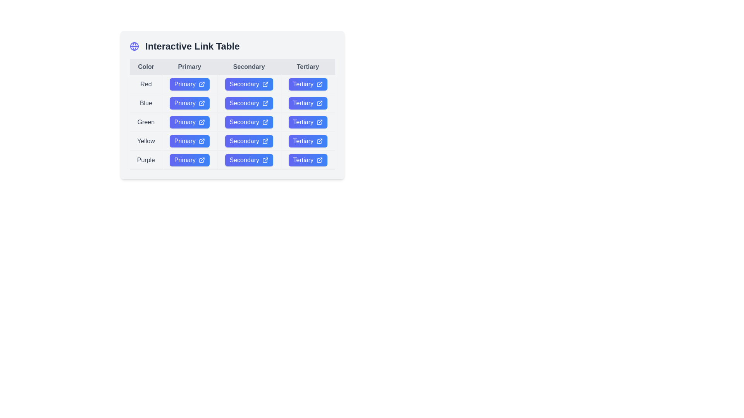 This screenshot has width=744, height=418. Describe the element at coordinates (232, 122) in the screenshot. I see `the 'Secondary' button with an external link indicator, which has a gradient background from indigo to blue and the text 'Secondary' in white` at that location.